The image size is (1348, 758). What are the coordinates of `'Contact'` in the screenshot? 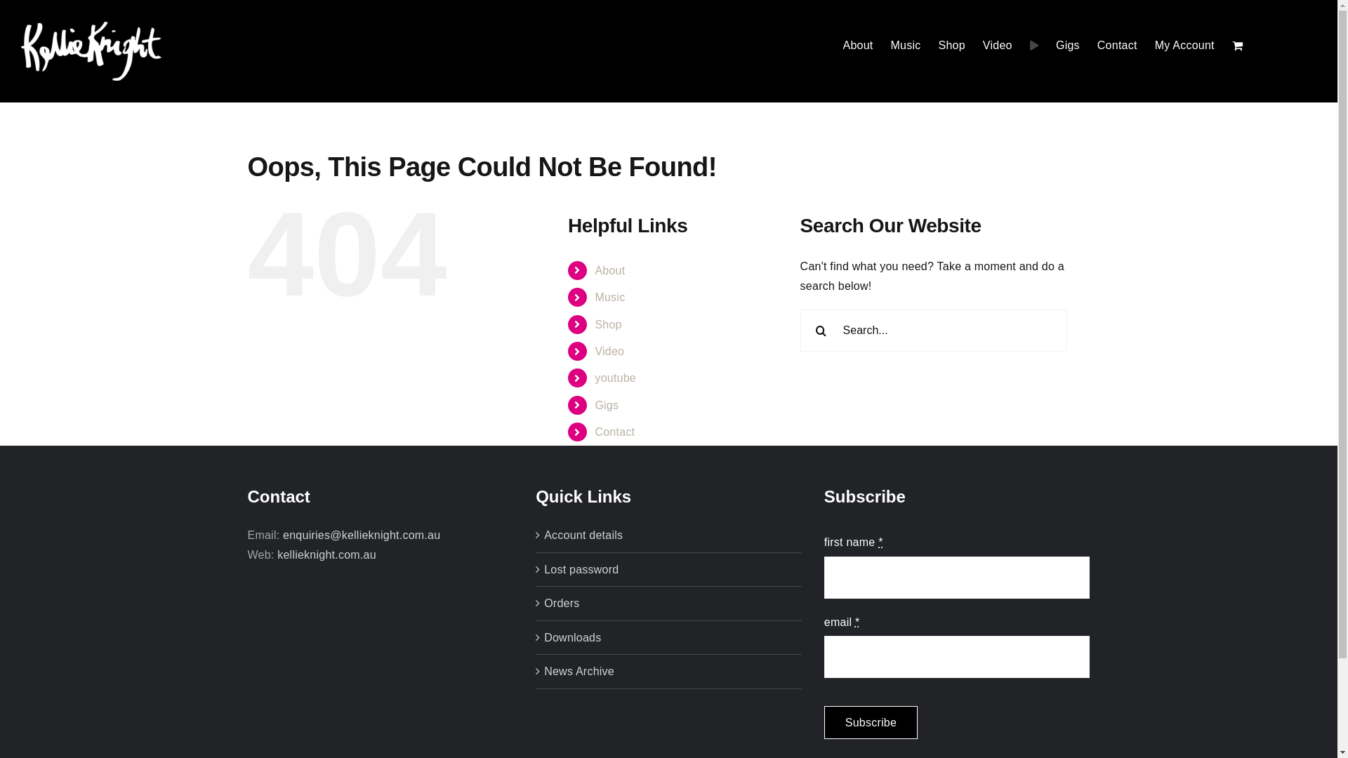 It's located at (614, 431).